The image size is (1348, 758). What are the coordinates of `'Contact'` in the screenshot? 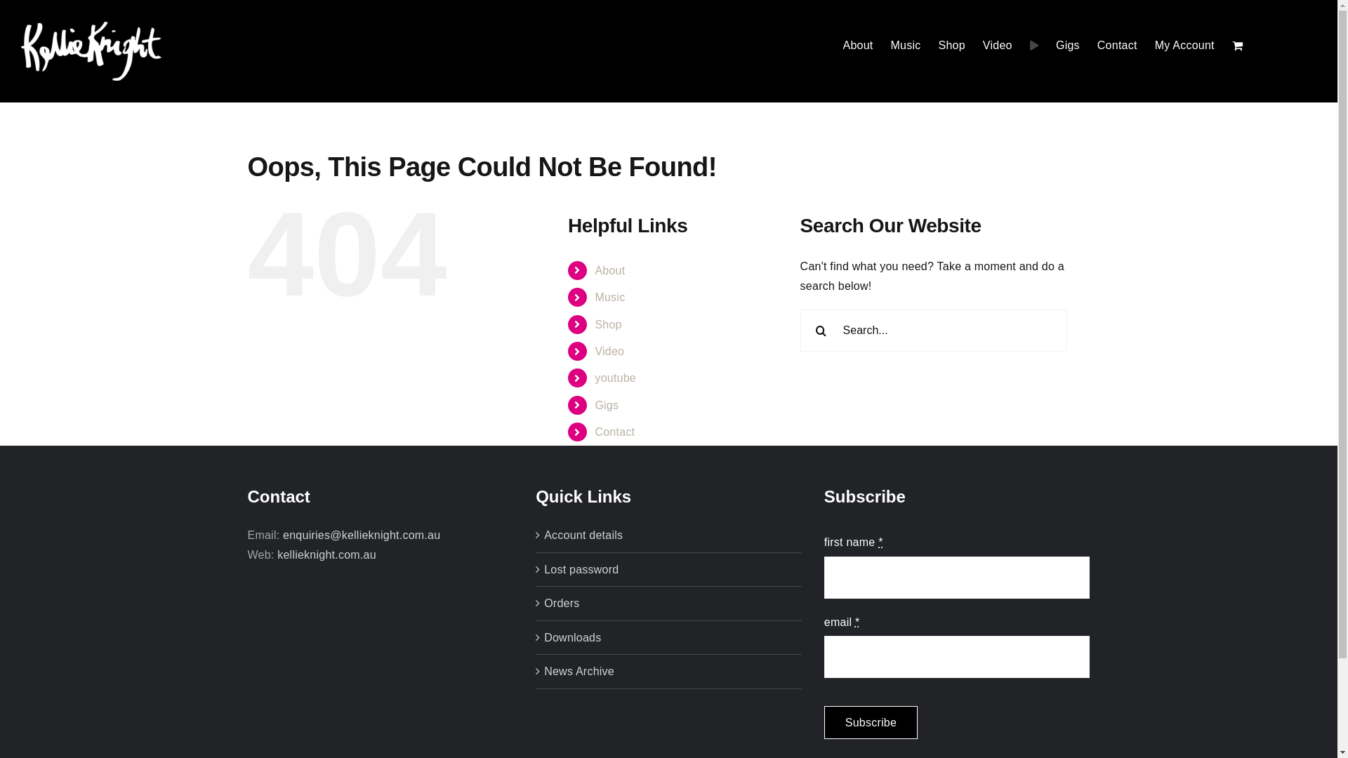 It's located at (614, 431).